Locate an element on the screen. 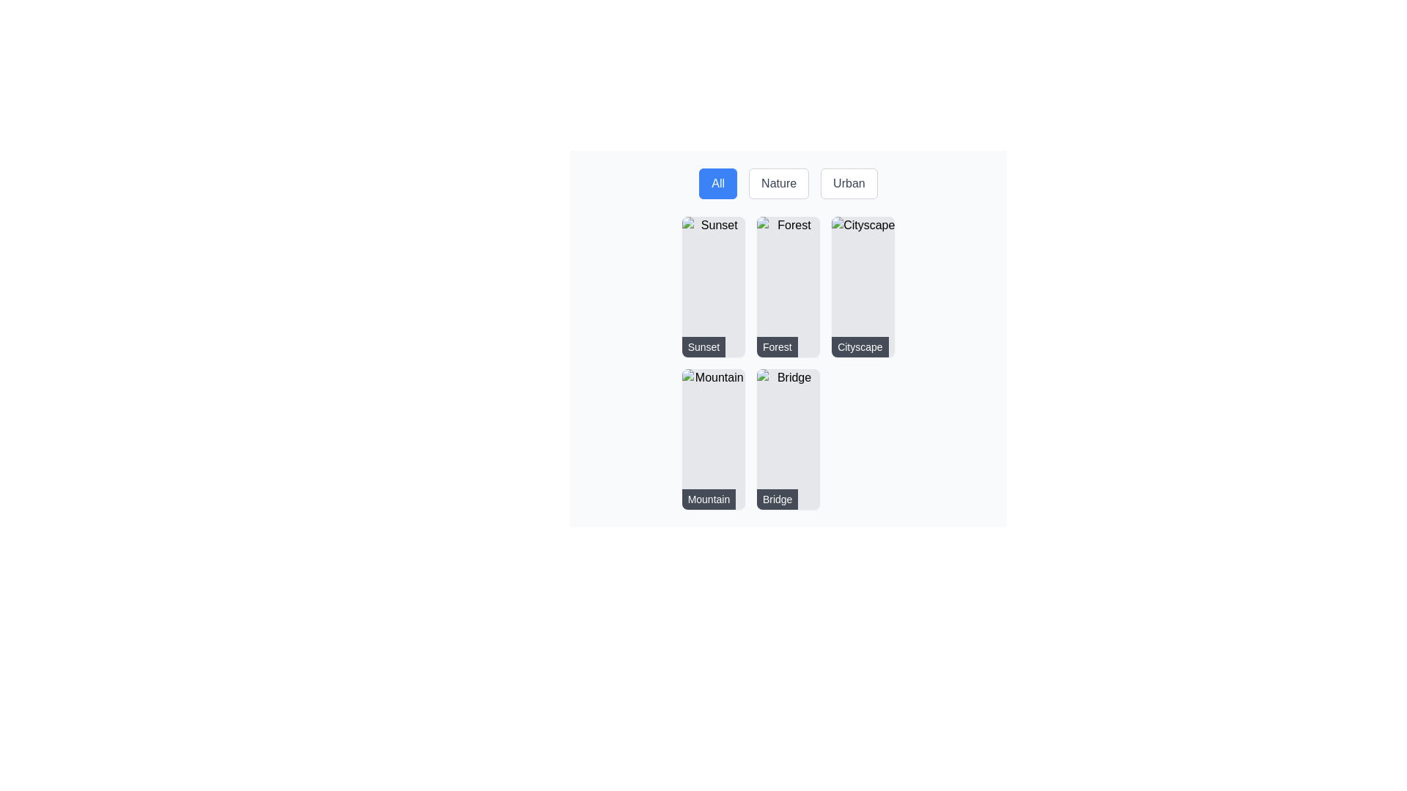 This screenshot has width=1407, height=791. the 'Nature' filter button which is centrally located in a row of three buttons is located at coordinates (787, 182).